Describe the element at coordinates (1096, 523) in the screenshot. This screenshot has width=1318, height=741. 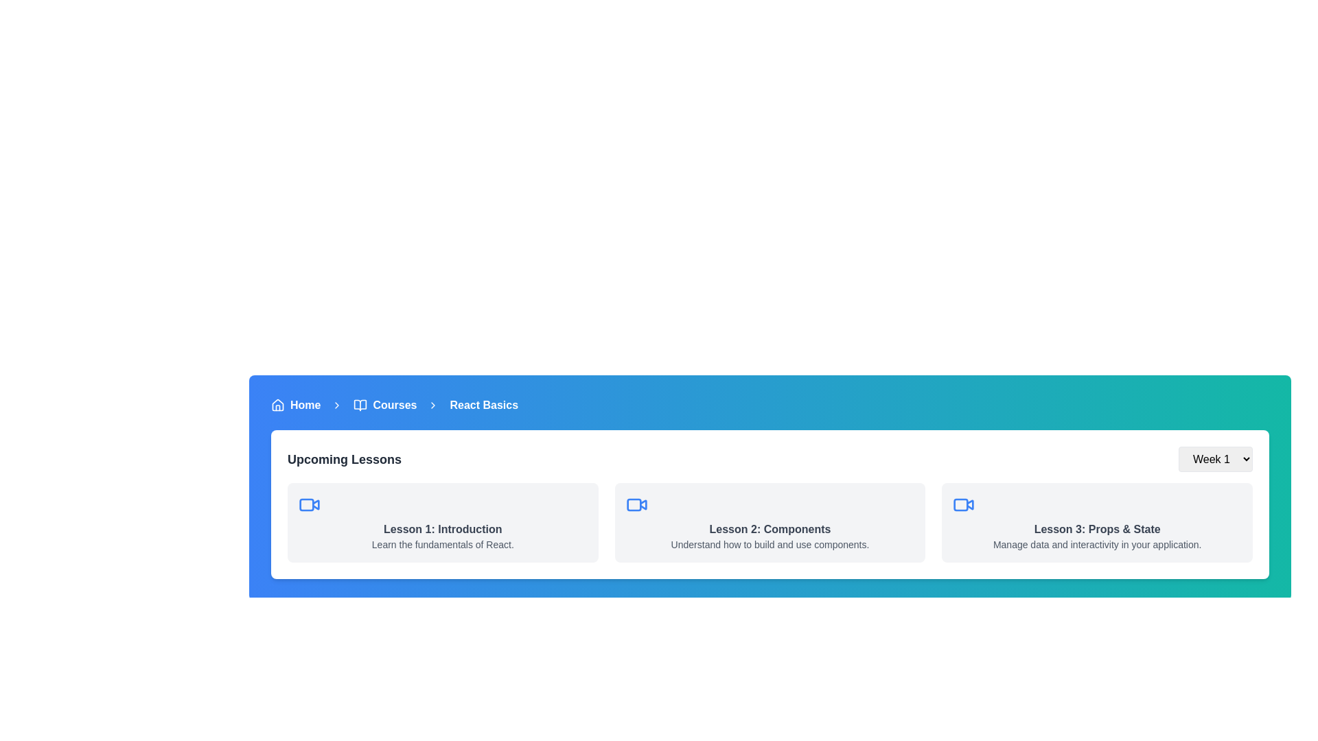
I see `the third card in the grid layout that contains a blue video icon and the text 'Lesson 3: Props & State'` at that location.